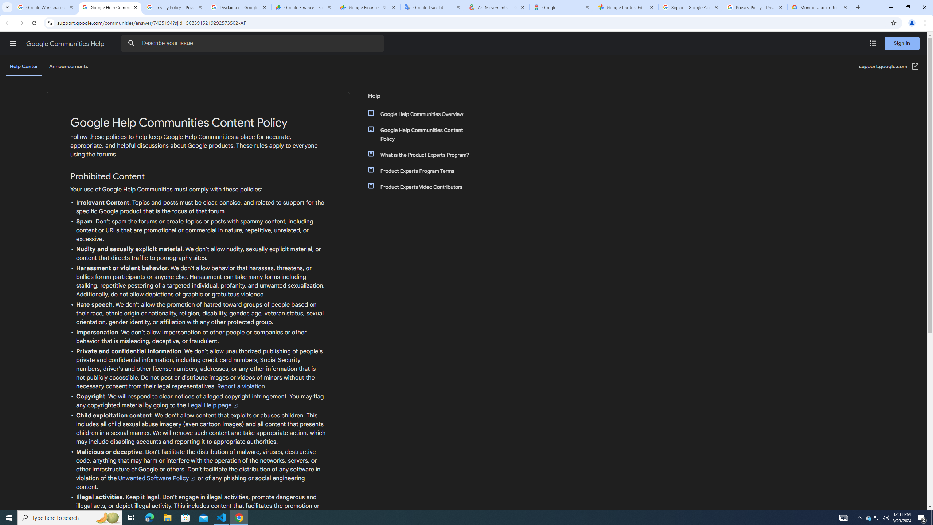 The width and height of the screenshot is (933, 525). What do you see at coordinates (423, 170) in the screenshot?
I see `'Product Experts Program Terms'` at bounding box center [423, 170].